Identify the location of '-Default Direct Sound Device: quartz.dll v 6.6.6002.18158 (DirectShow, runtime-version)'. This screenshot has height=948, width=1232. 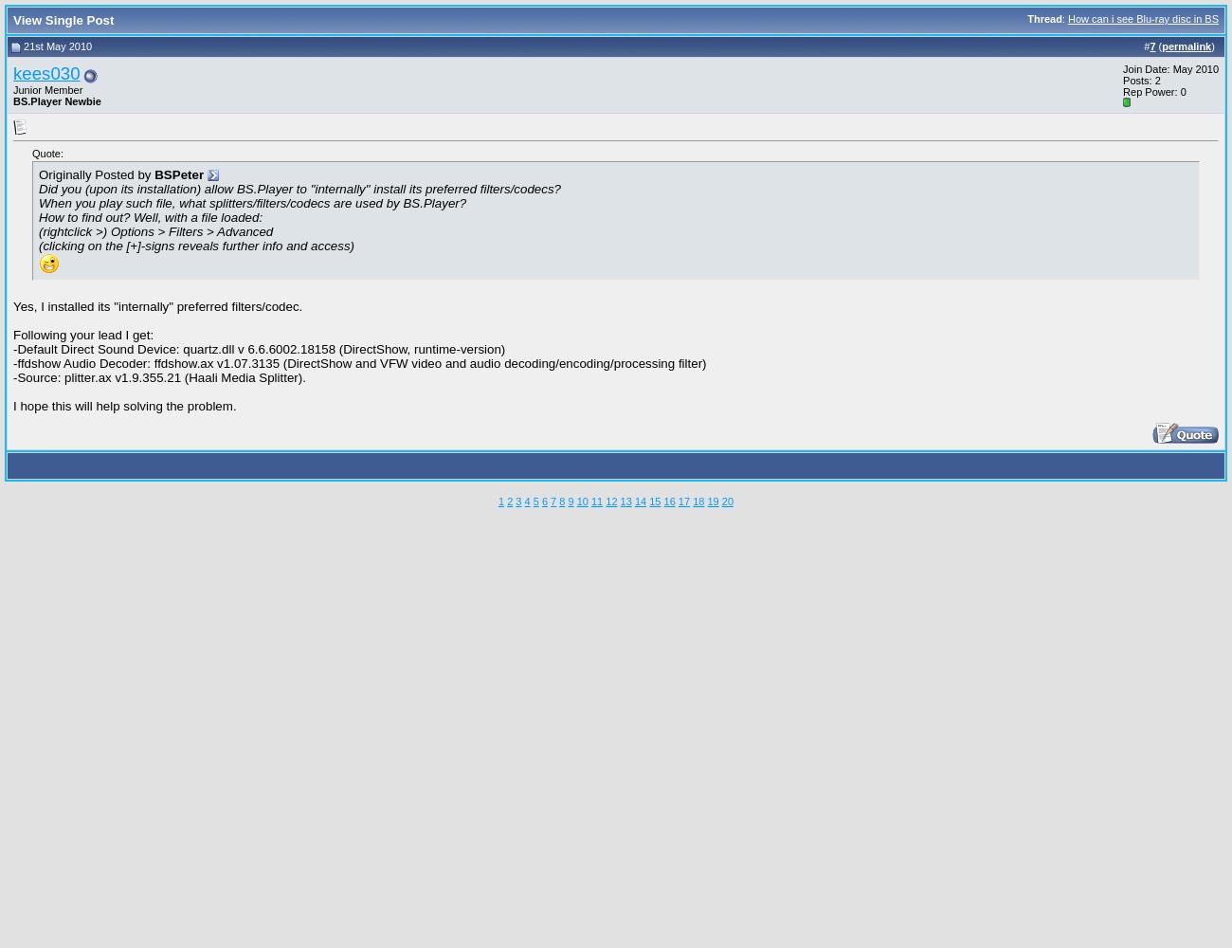
(259, 347).